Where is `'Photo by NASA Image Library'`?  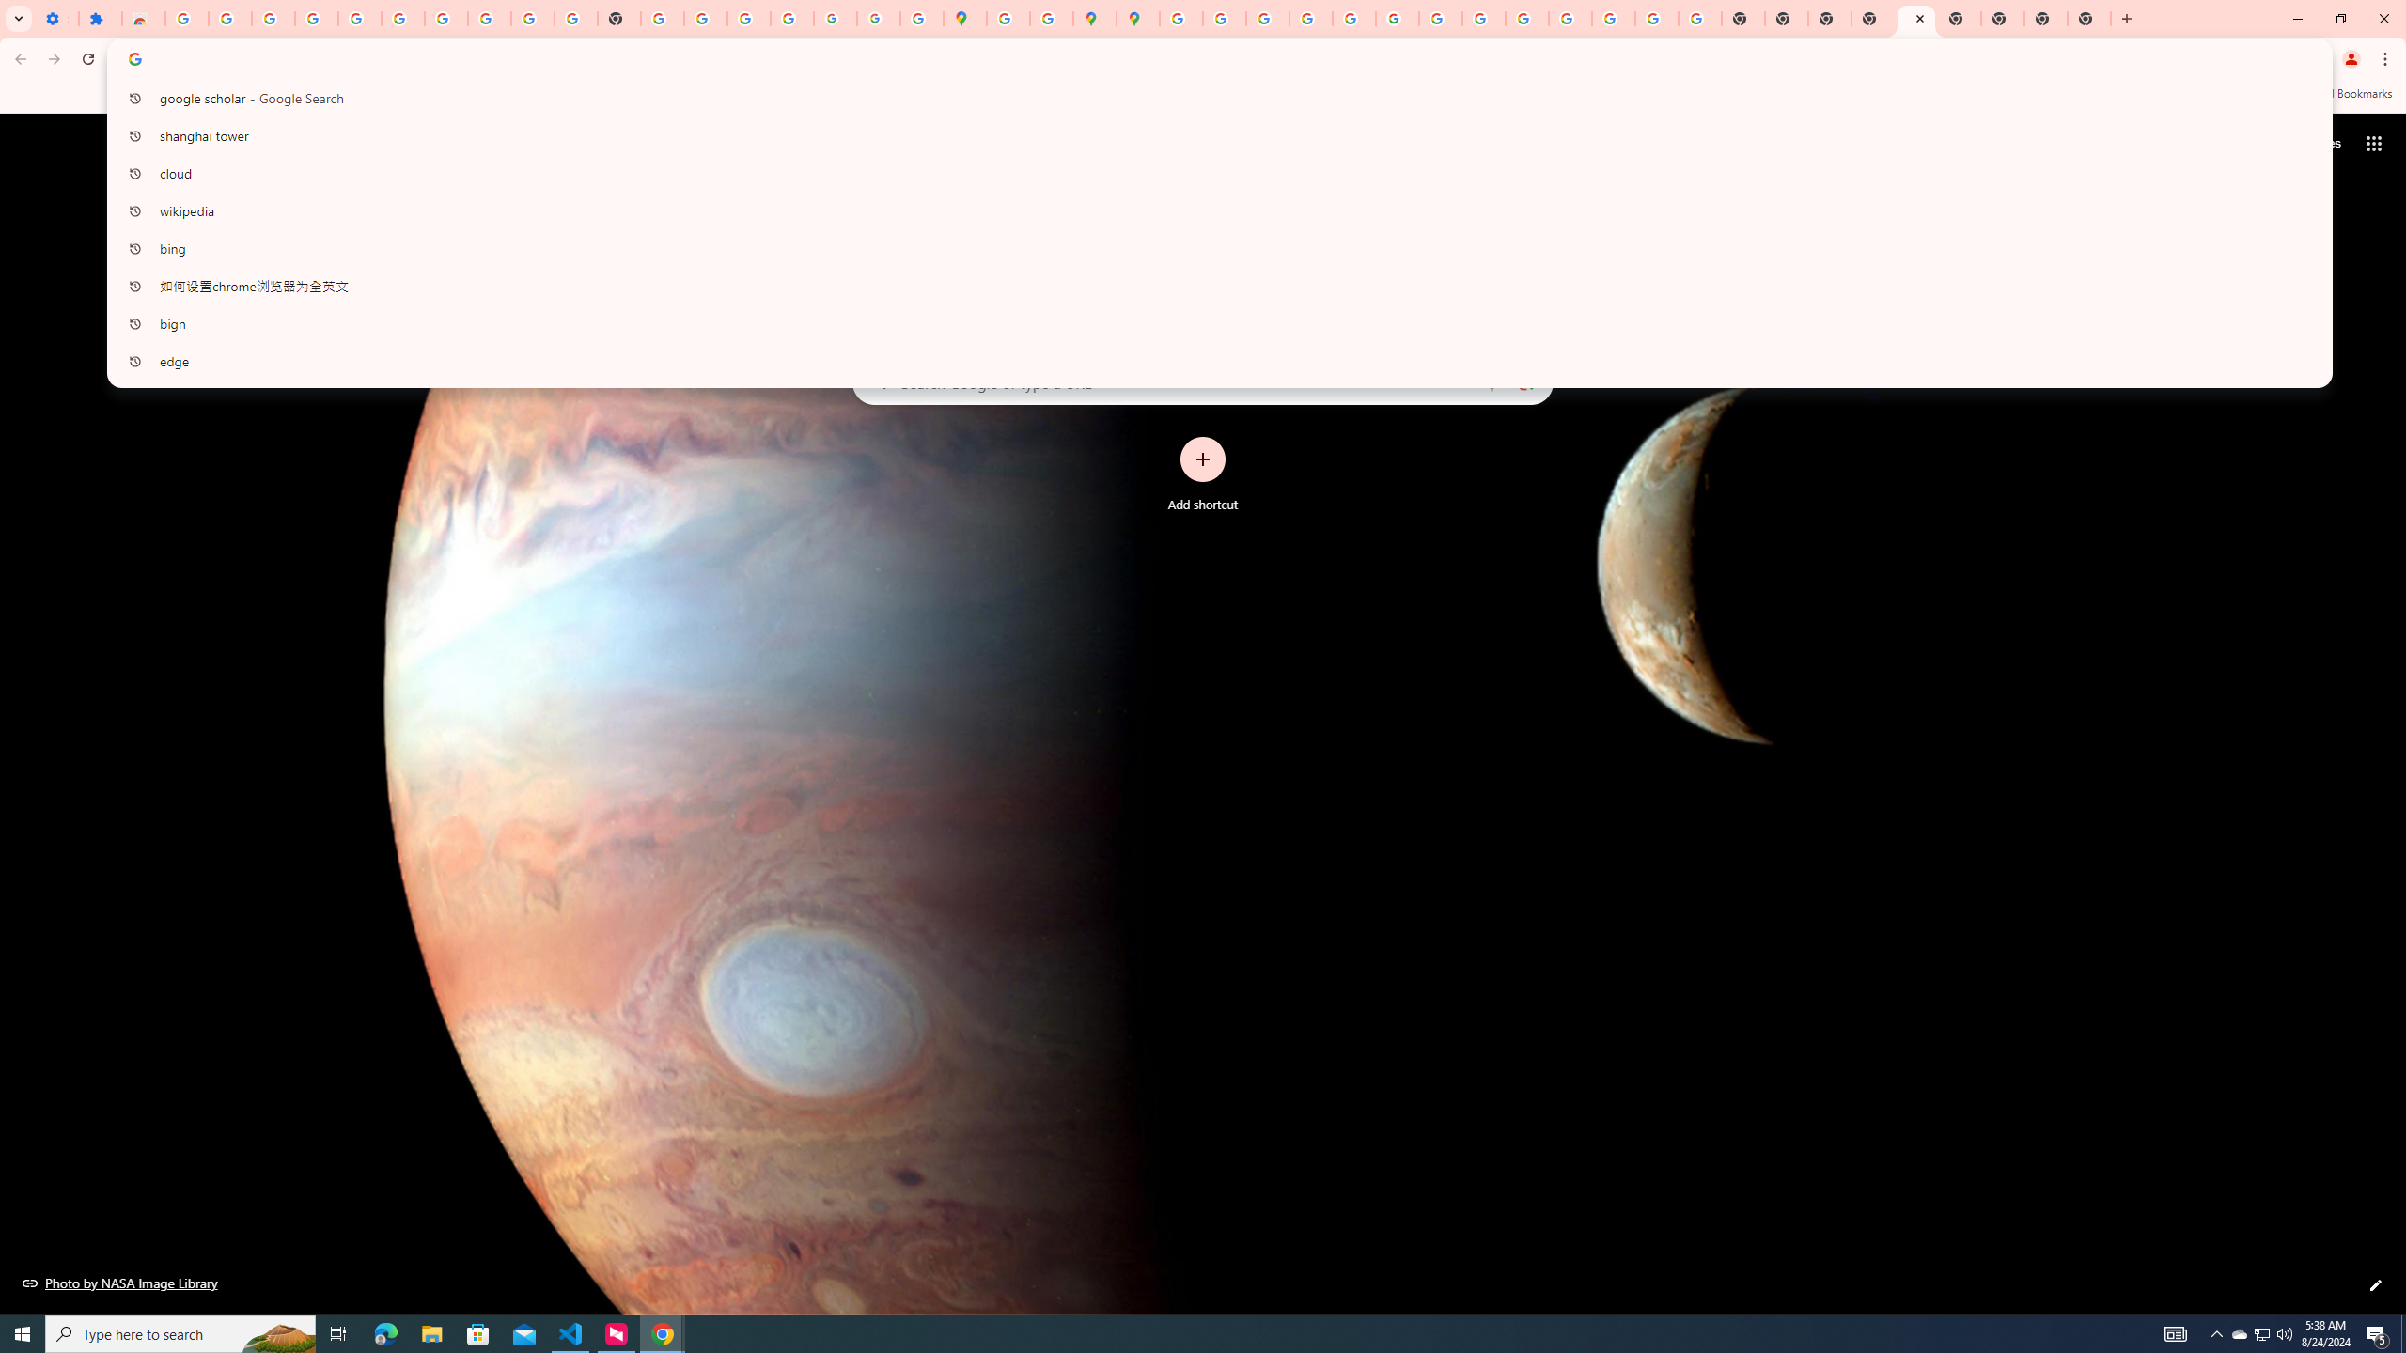
'Photo by NASA Image Library' is located at coordinates (119, 1282).